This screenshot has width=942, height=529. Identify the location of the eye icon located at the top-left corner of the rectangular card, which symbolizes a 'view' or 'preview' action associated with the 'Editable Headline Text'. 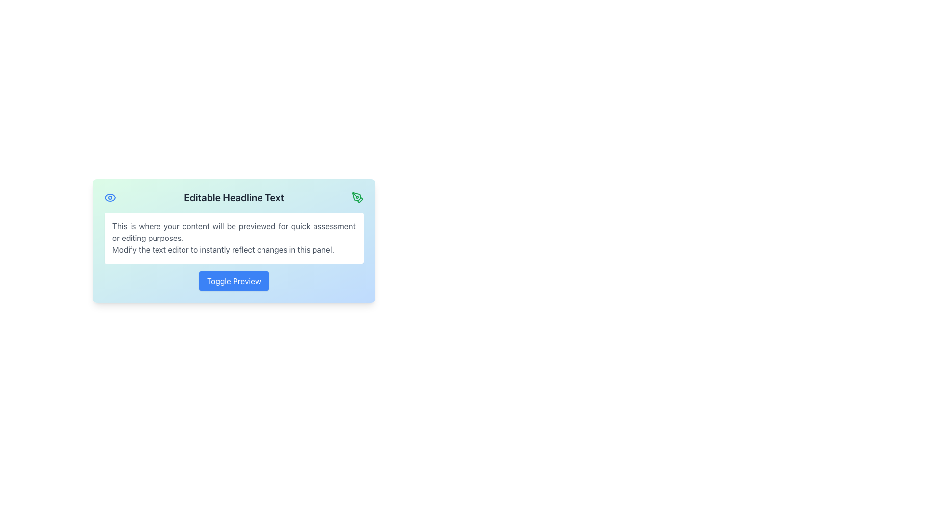
(110, 198).